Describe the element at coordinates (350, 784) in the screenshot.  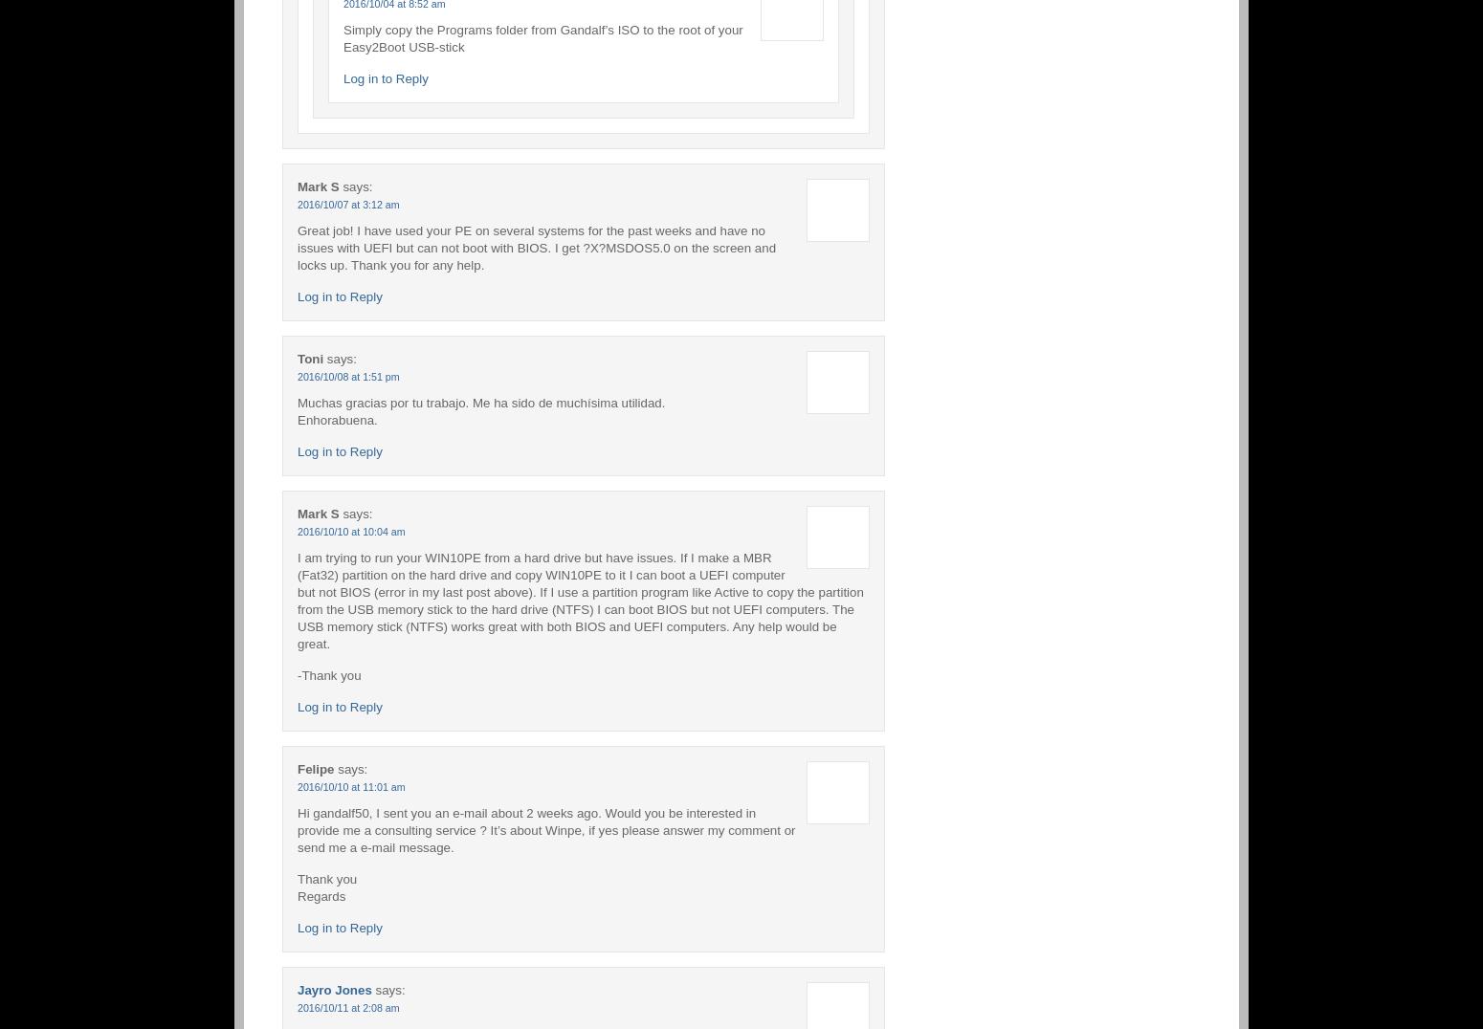
I see `'2016/10/10 at 11:01 am'` at that location.